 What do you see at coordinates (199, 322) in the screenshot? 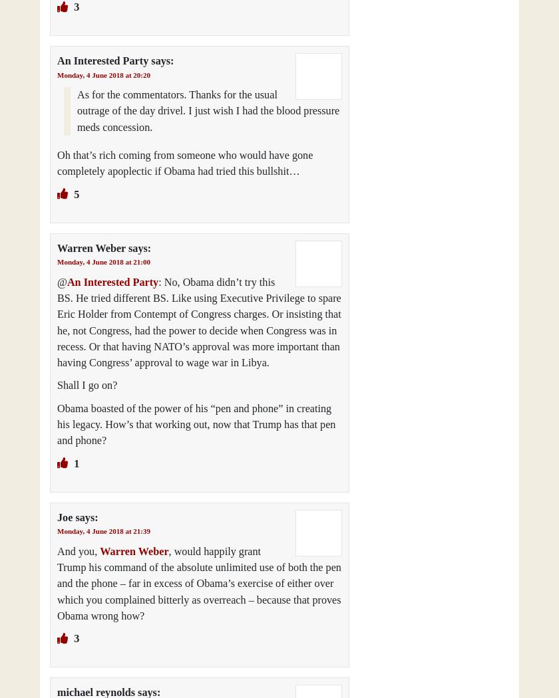
I see `': No, Obama didn’t try this BS. He tried different BS. Like using Executive Privilege to spare Eric Holder from Contempt of Congress charges. Or insisting that he, not Congress, had the power to decide when Congress was in recess. Or that having NATO’s approval was more important than having Congress’ approval to wage war in Libya.'` at bounding box center [199, 322].